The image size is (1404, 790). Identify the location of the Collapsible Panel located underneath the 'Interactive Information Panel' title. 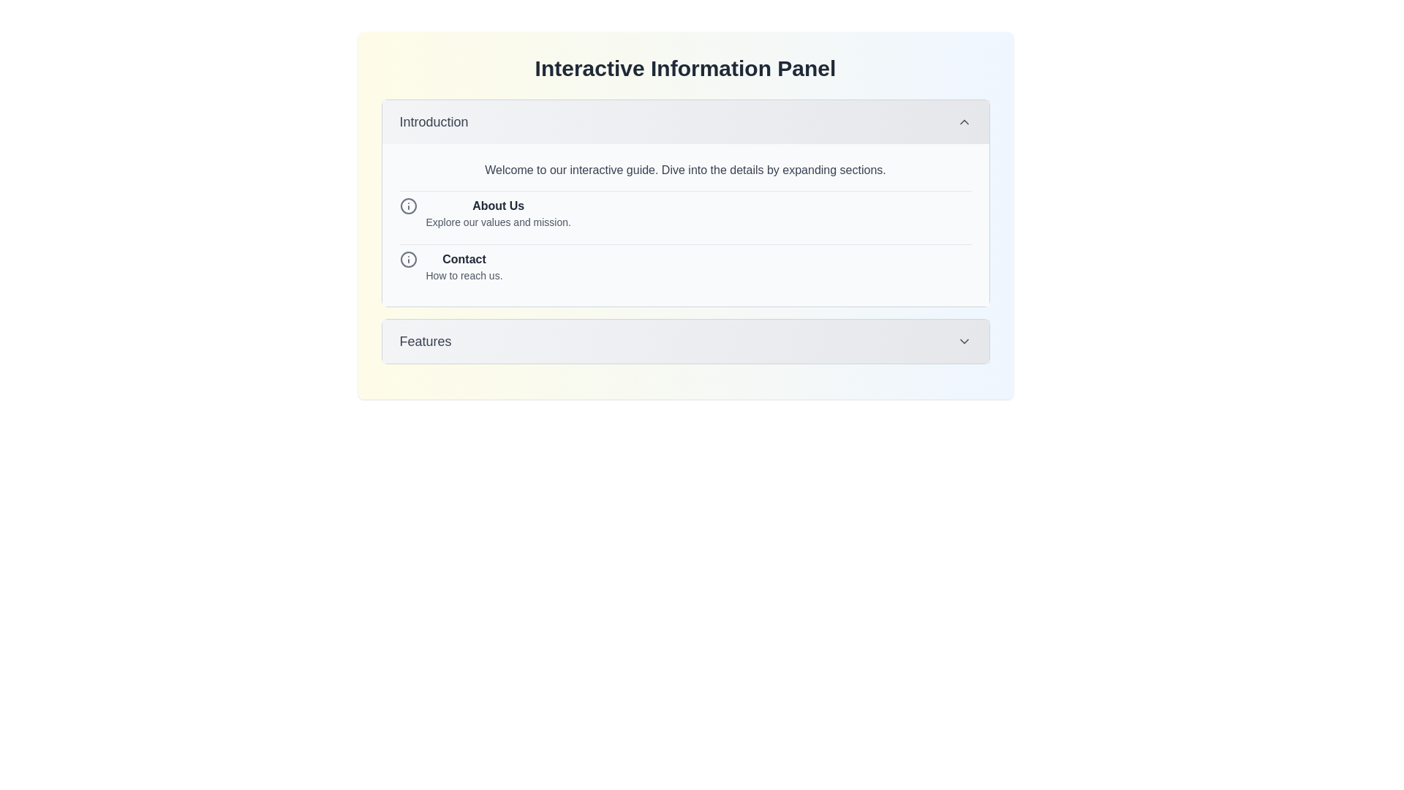
(684, 203).